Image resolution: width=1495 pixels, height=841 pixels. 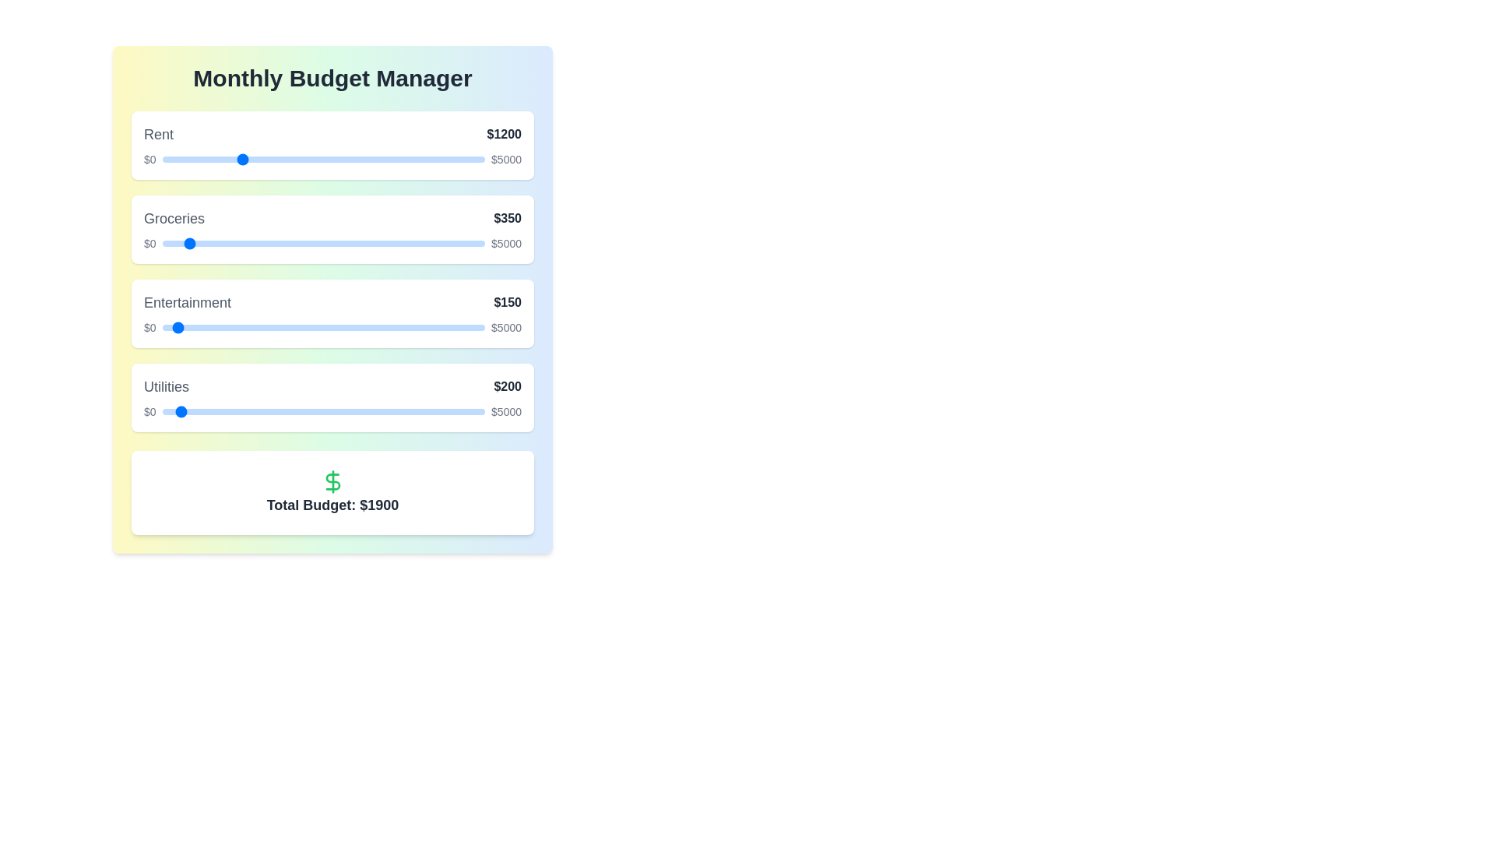 What do you see at coordinates (352, 410) in the screenshot?
I see `the utilities budget` at bounding box center [352, 410].